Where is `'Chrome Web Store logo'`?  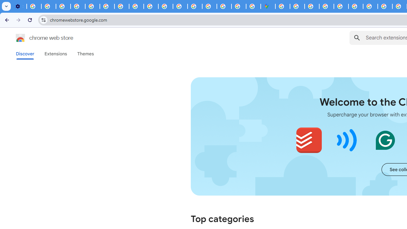 'Chrome Web Store logo' is located at coordinates (20, 38).